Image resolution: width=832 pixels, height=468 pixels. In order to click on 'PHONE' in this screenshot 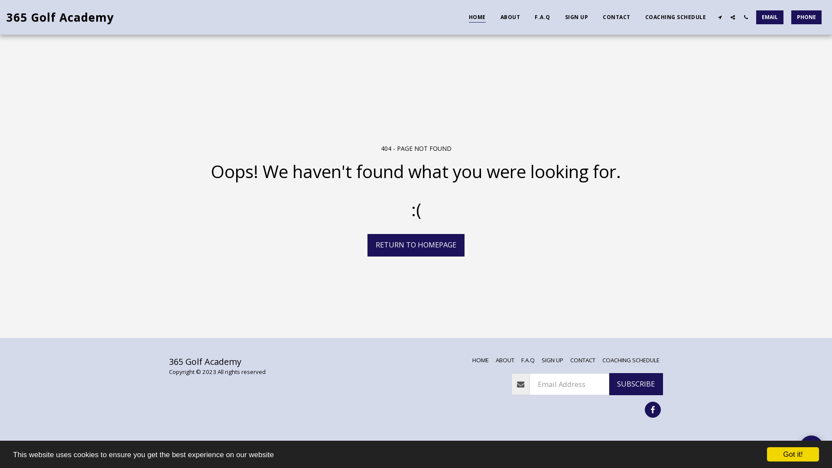, I will do `click(788, 17)`.